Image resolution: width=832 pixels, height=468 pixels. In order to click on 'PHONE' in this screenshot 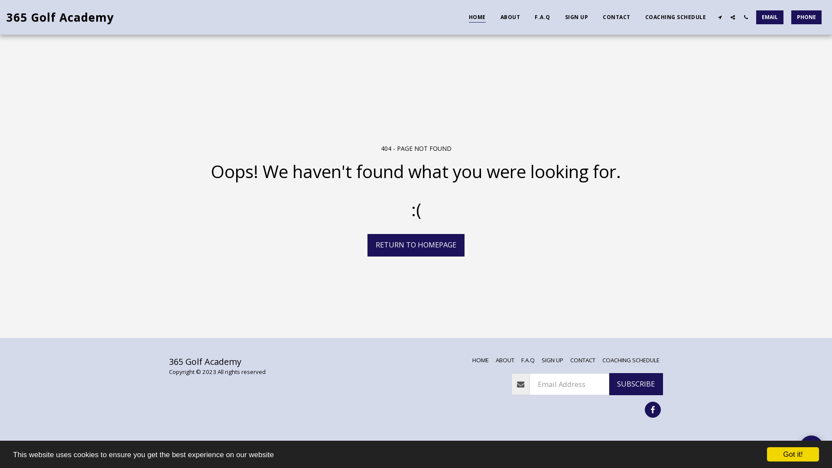, I will do `click(788, 17)`.